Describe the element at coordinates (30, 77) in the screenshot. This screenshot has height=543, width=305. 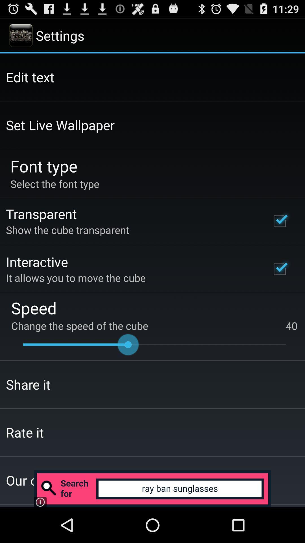
I see `the icon above the set live wallpaper item` at that location.